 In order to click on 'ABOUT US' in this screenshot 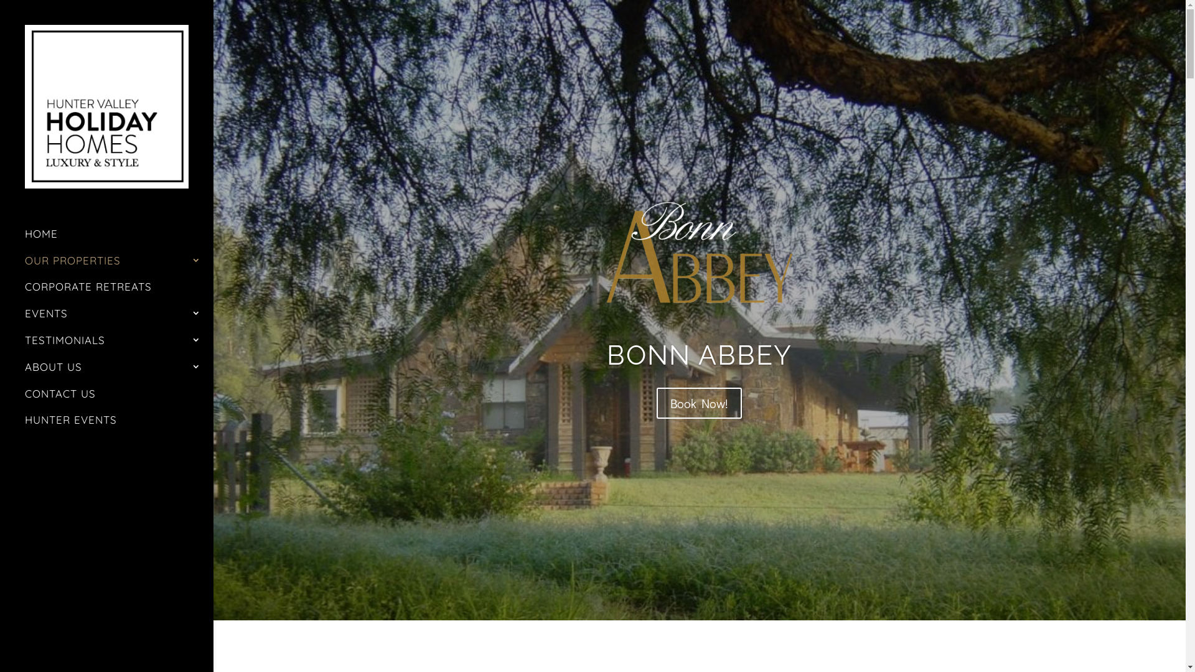, I will do `click(119, 372)`.